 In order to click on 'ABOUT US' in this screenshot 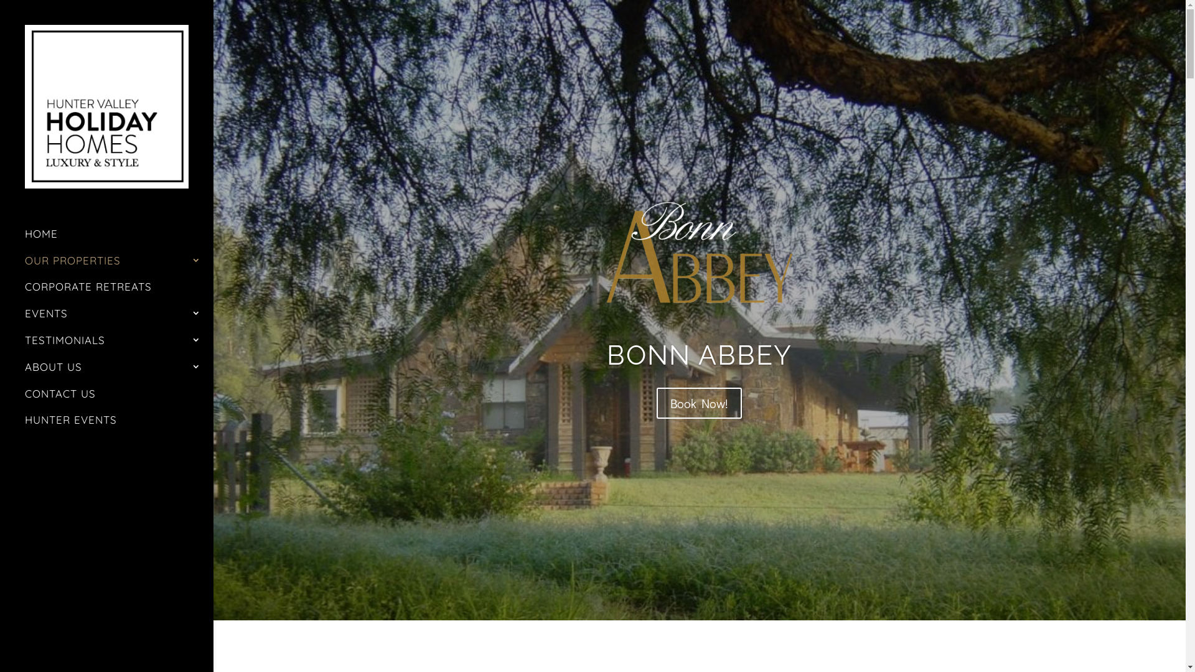, I will do `click(119, 372)`.